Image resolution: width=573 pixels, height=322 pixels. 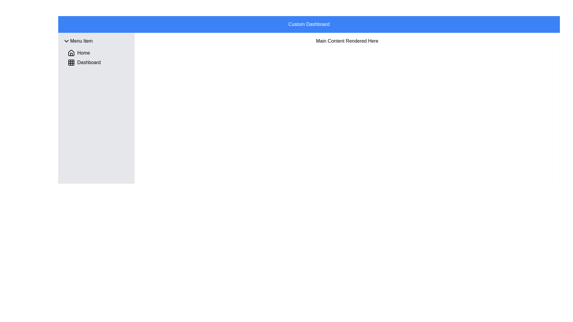 What do you see at coordinates (78, 52) in the screenshot?
I see `the 'Home' navigation link in the sidebar menu` at bounding box center [78, 52].